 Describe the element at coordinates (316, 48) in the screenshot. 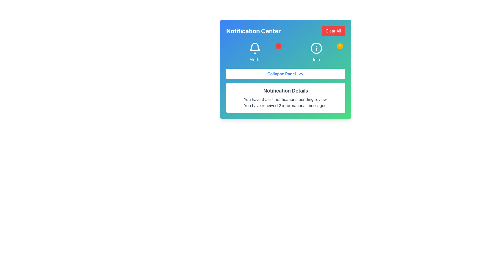

I see `decorative circle within the SVG element located in the 'Info' section of the notification panel for design details` at that location.